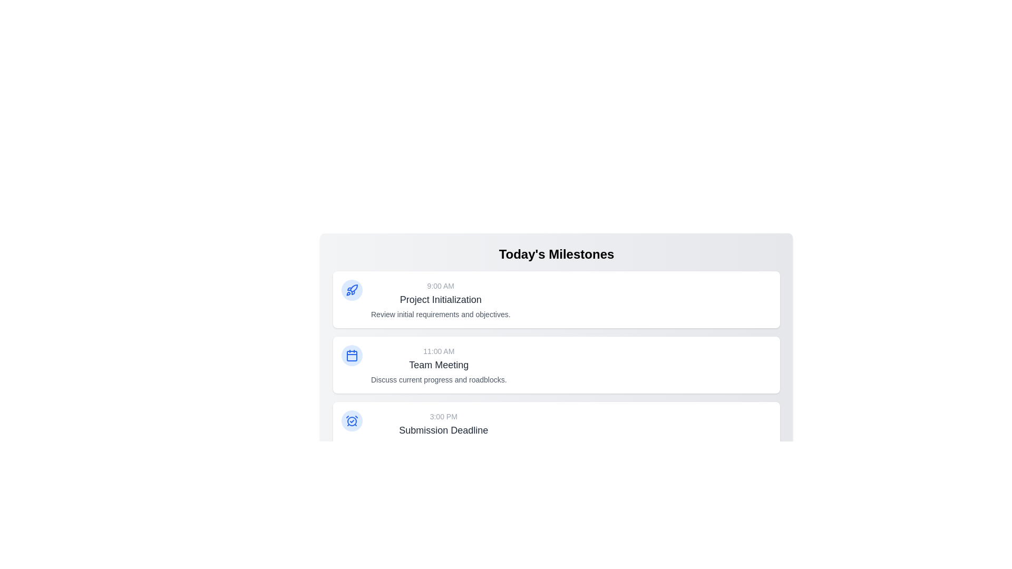  I want to click on the text label 'Project Initialization' located beneath the timestamp '9:00 AM', so click(441, 300).